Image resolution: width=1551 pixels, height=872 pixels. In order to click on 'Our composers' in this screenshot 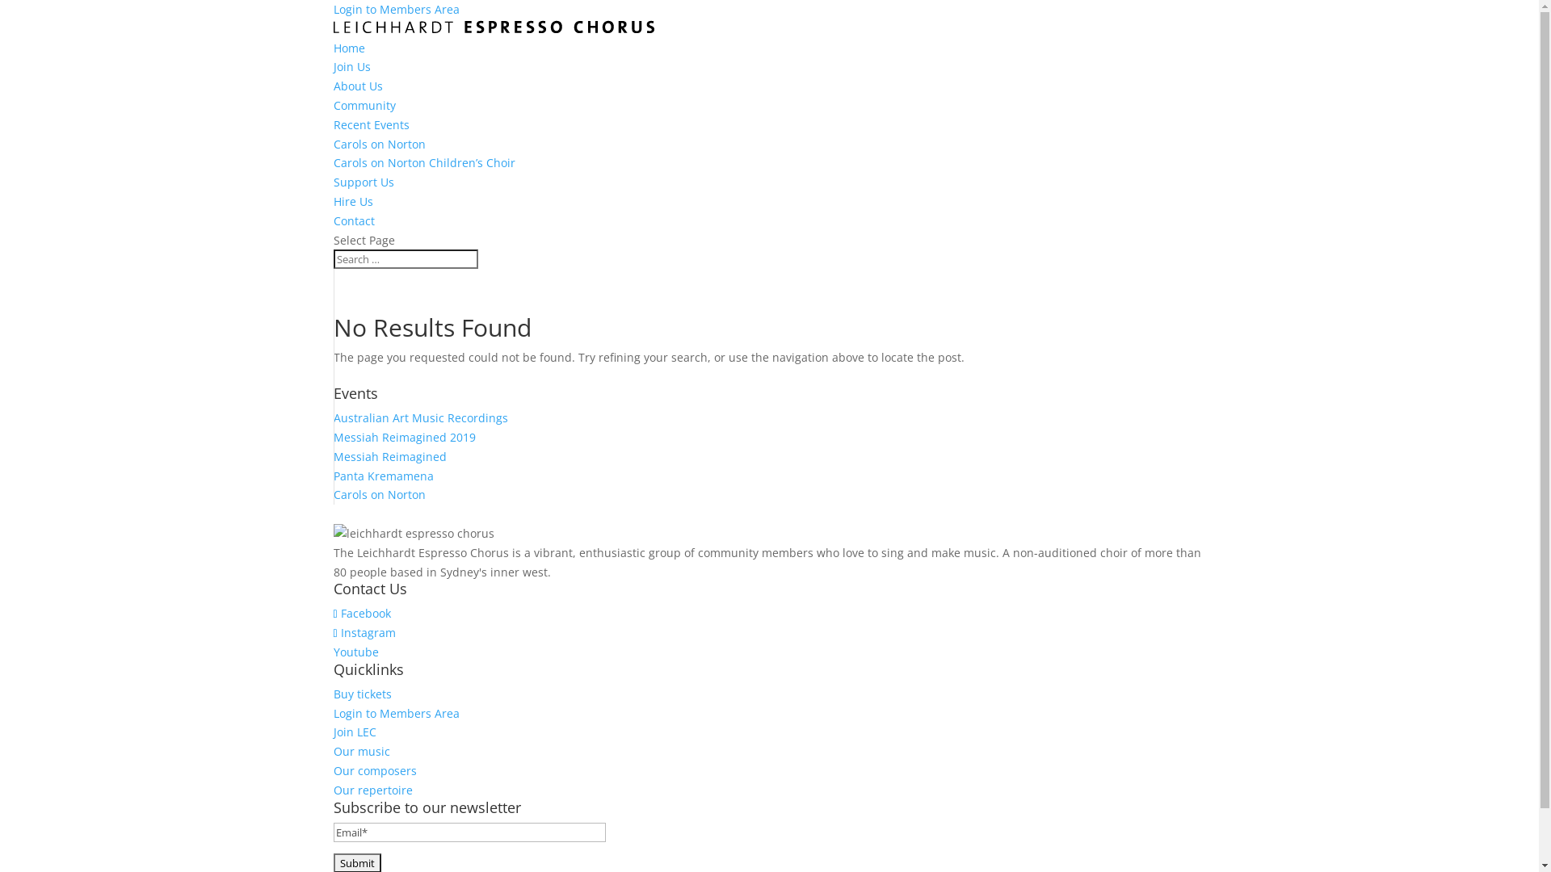, I will do `click(332, 769)`.